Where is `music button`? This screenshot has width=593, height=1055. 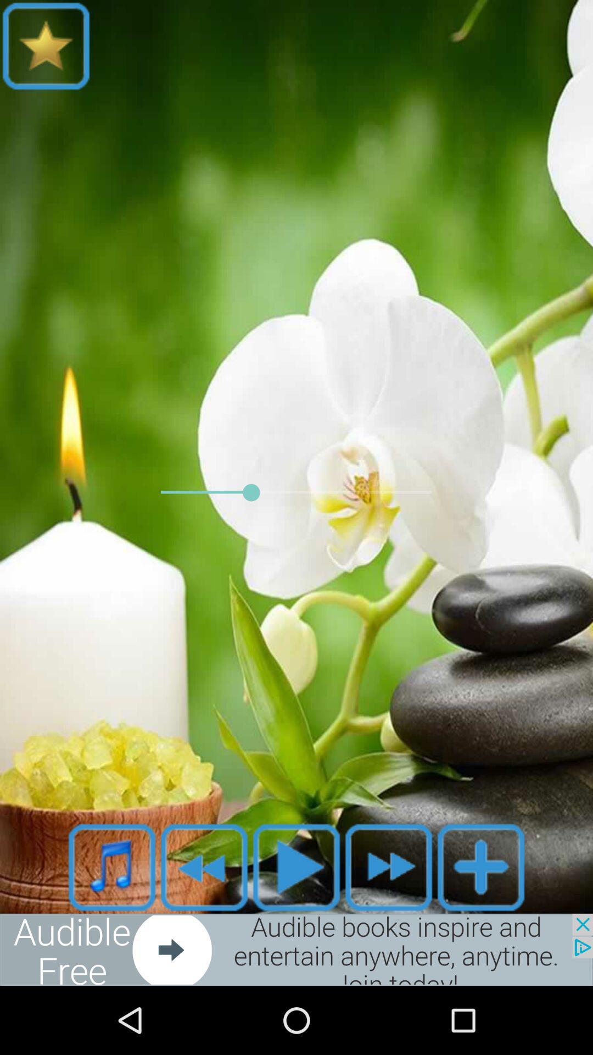
music button is located at coordinates (112, 867).